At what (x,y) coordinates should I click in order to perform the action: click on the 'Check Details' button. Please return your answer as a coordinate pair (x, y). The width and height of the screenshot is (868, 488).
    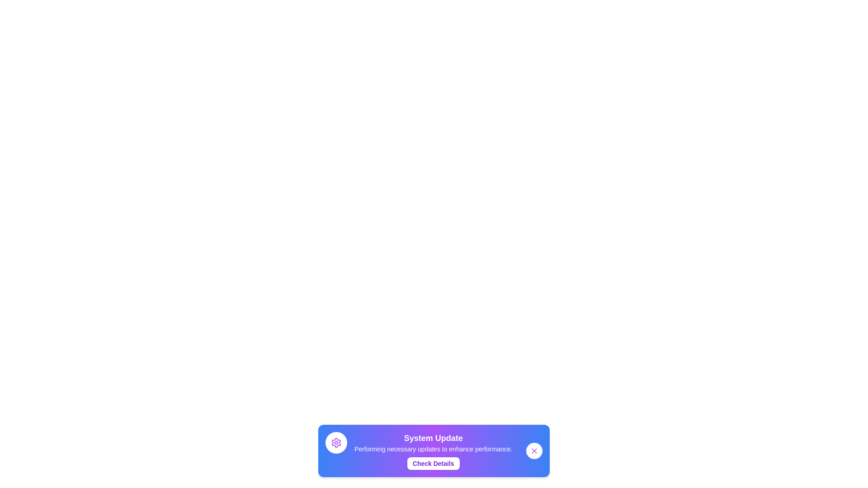
    Looking at the image, I should click on (433, 464).